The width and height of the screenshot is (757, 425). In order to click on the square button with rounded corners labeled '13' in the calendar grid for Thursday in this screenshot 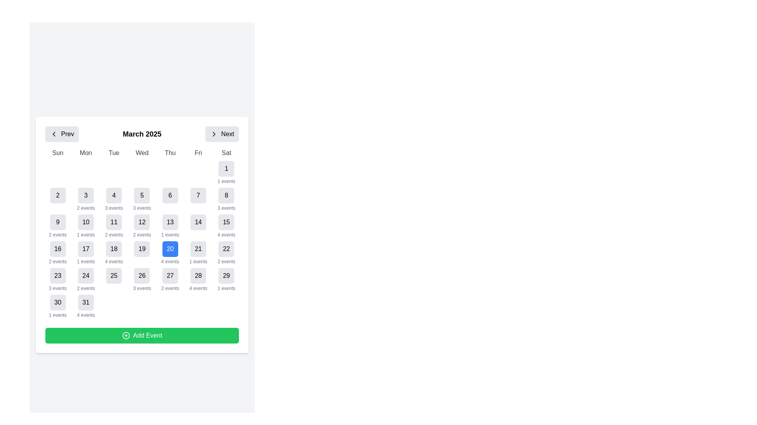, I will do `click(170, 222)`.